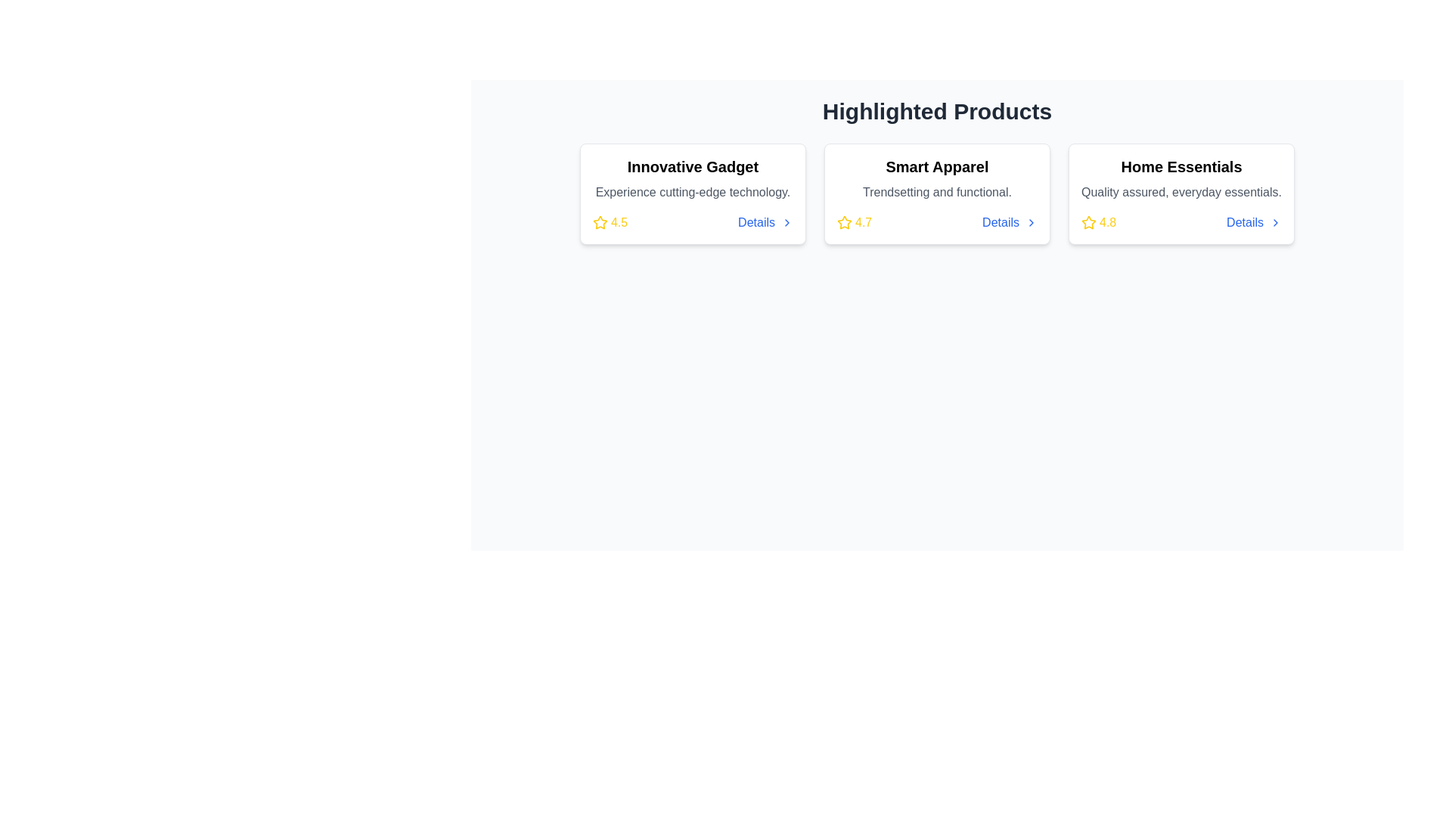 This screenshot has height=816, width=1452. Describe the element at coordinates (936, 193) in the screenshot. I see `the rating and description of the second product showcase card in the grid layout` at that location.